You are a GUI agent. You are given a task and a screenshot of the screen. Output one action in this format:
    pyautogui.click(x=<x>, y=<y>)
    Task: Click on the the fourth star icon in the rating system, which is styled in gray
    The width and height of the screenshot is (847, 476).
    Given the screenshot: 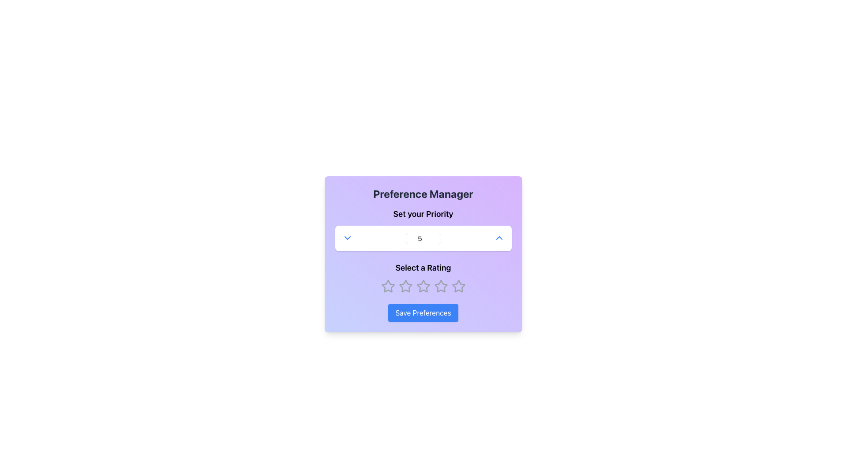 What is the action you would take?
    pyautogui.click(x=441, y=286)
    